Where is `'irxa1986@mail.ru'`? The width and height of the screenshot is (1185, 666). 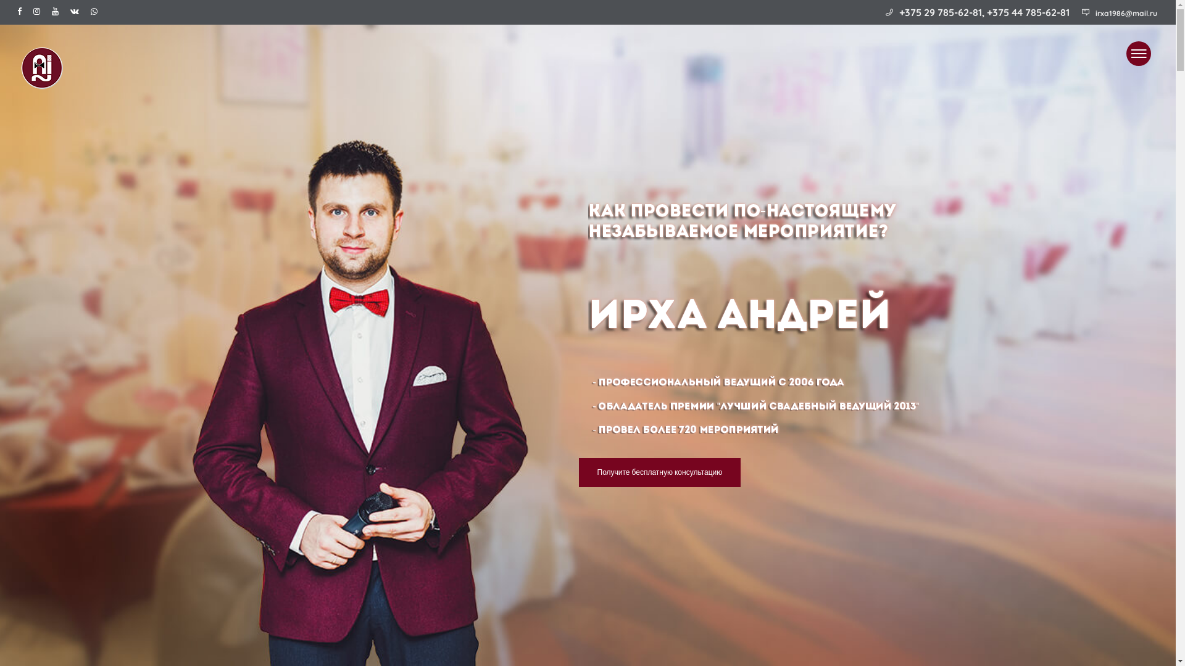
'irxa1986@mail.ru' is located at coordinates (1096, 13).